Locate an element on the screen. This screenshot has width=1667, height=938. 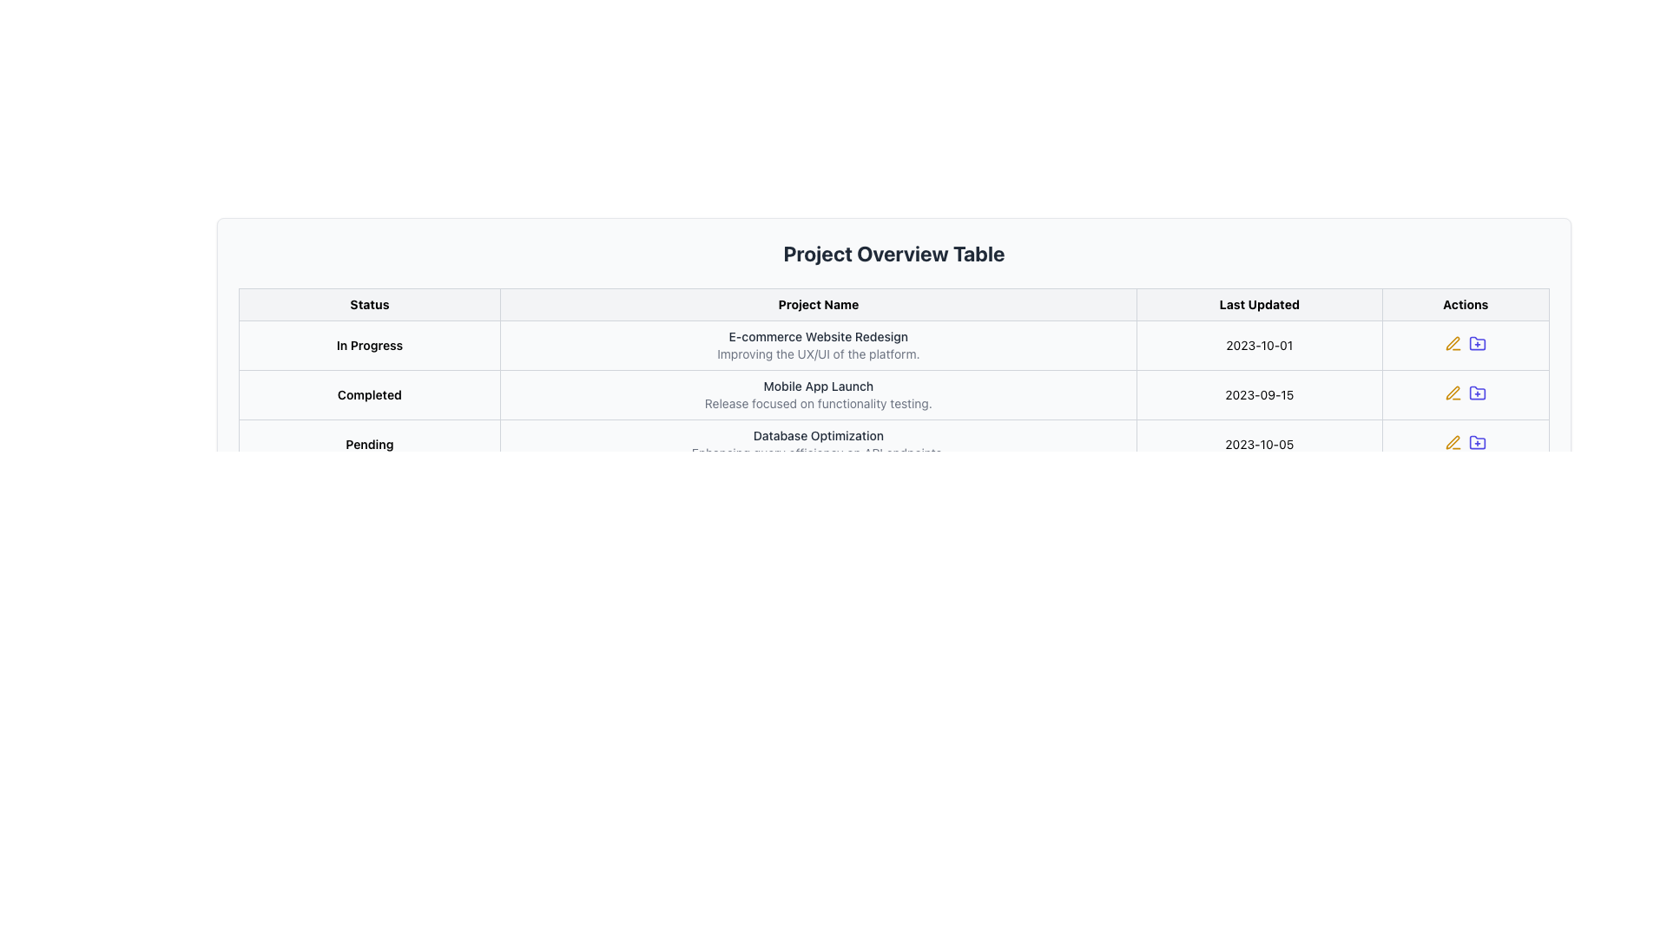
the text label reading 'Project Name' which is the second header in a table, positioned between 'Status' and 'Last Updated' is located at coordinates (817, 304).